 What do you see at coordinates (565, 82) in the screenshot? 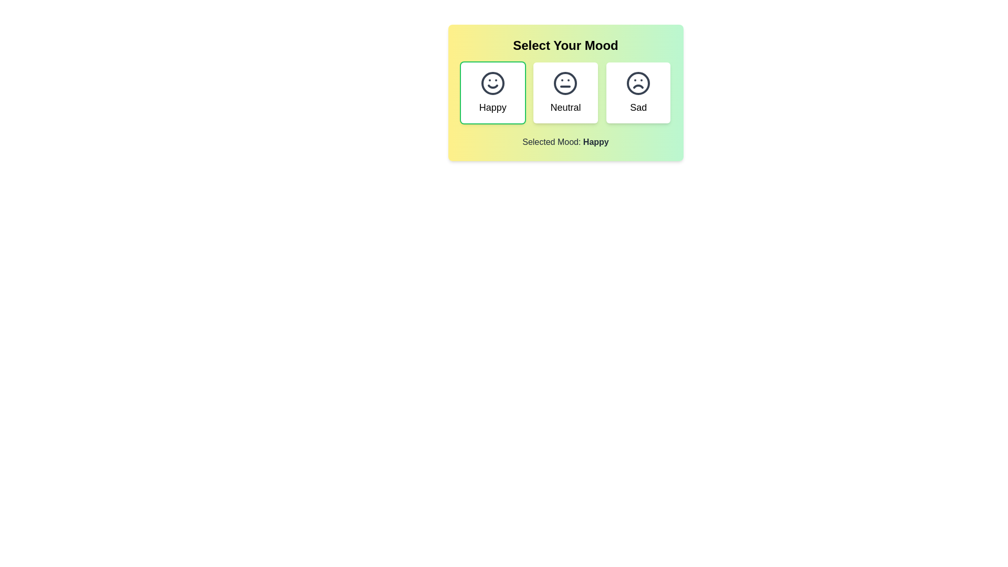
I see `around the circular icon that is part of the 'Neutral' mood icon, positioned centrally in the layout` at bounding box center [565, 82].